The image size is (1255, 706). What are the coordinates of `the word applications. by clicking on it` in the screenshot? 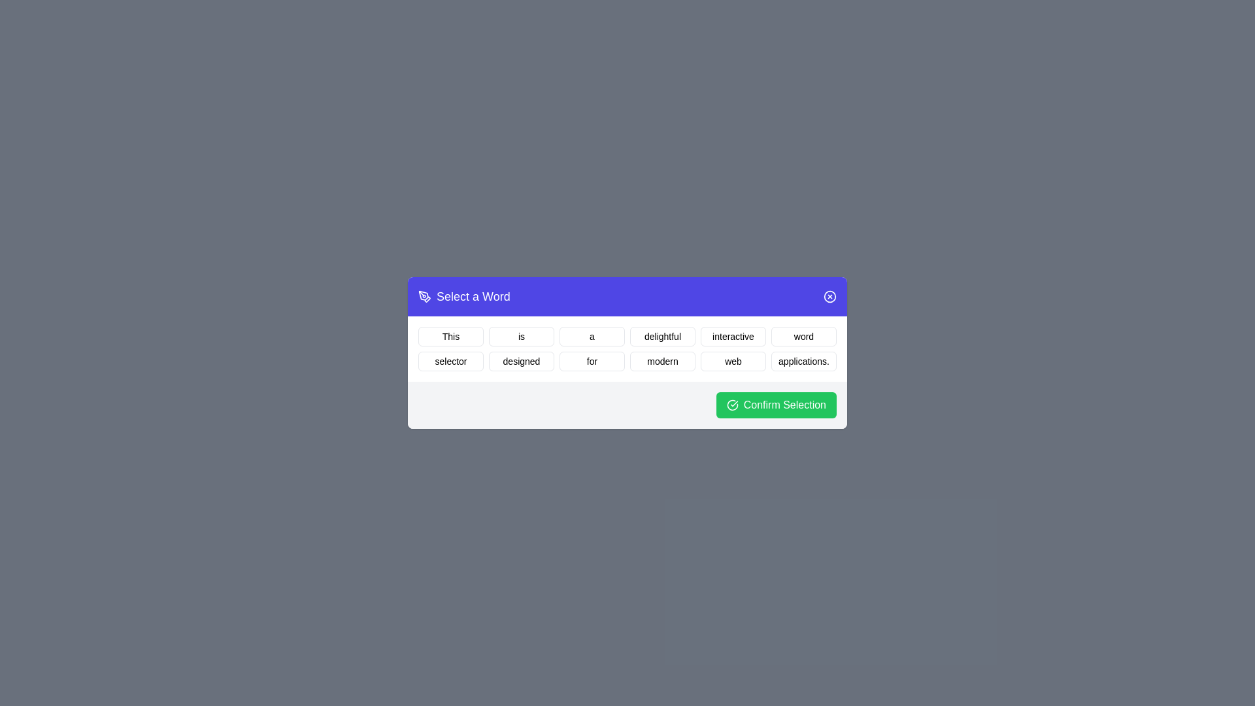 It's located at (803, 361).